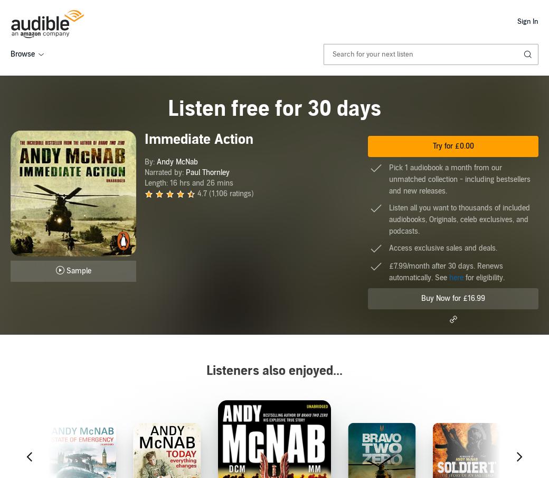 Image resolution: width=549 pixels, height=478 pixels. Describe the element at coordinates (231, 193) in the screenshot. I see `'(1,106 ratings)'` at that location.